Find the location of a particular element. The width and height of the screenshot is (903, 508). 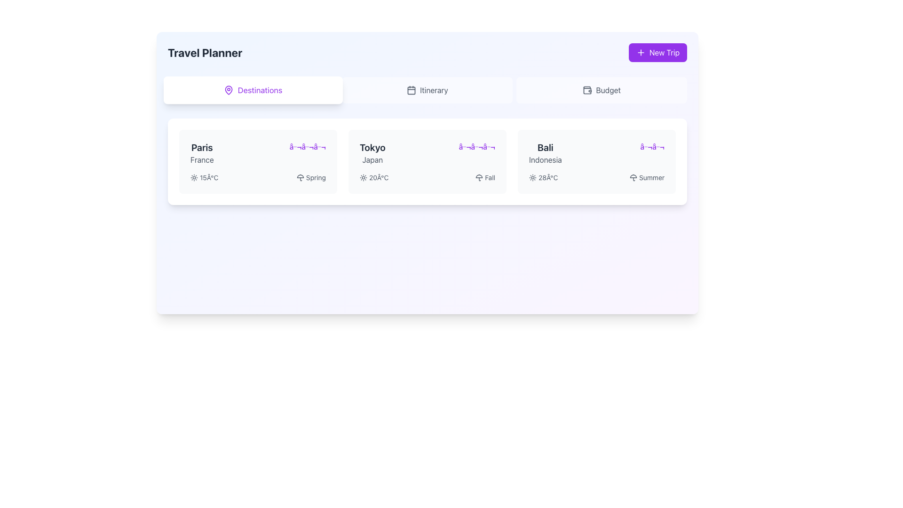

the Icon graphic that signifies a location or destination in the 'Destinations' section of the navigation bar is located at coordinates (229, 90).